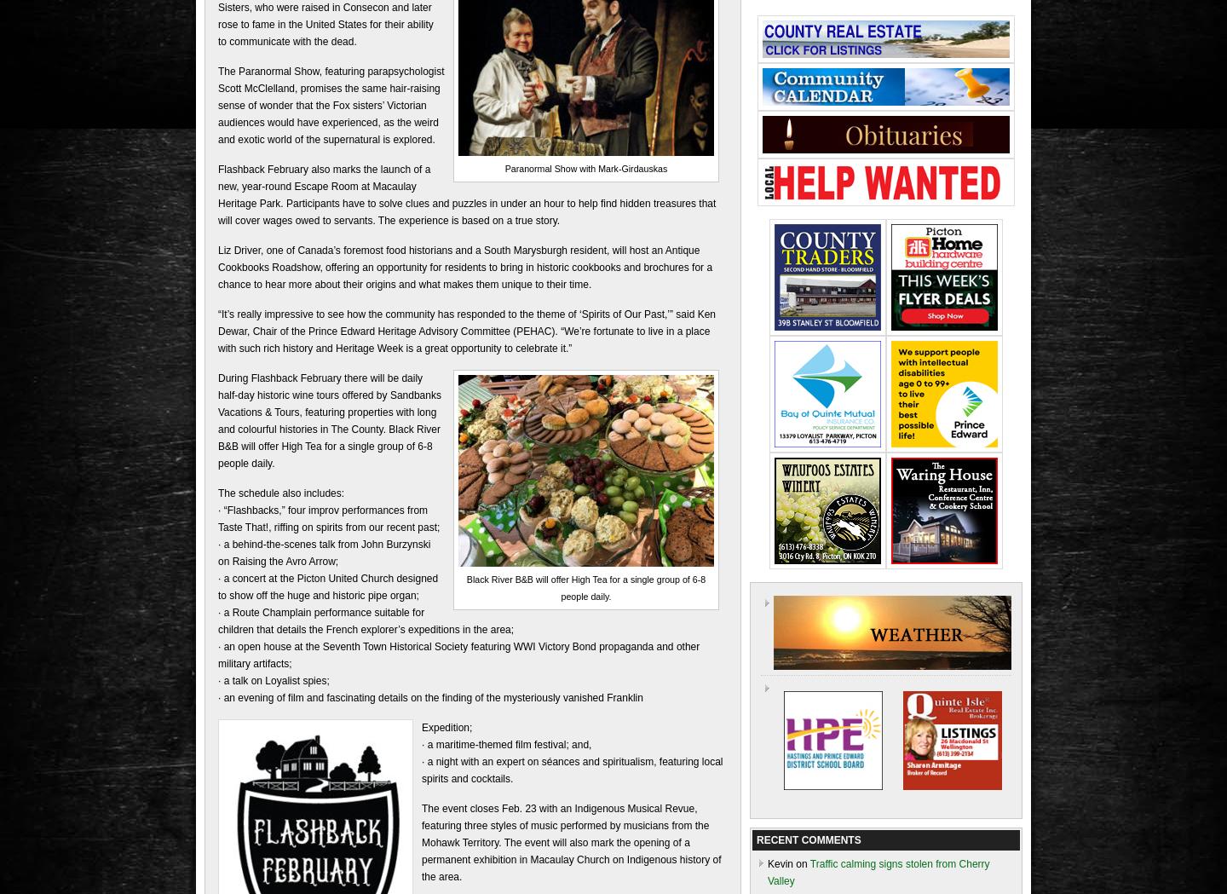 This screenshot has height=894, width=1227. I want to click on 'RECENT COMMENTS', so click(808, 839).